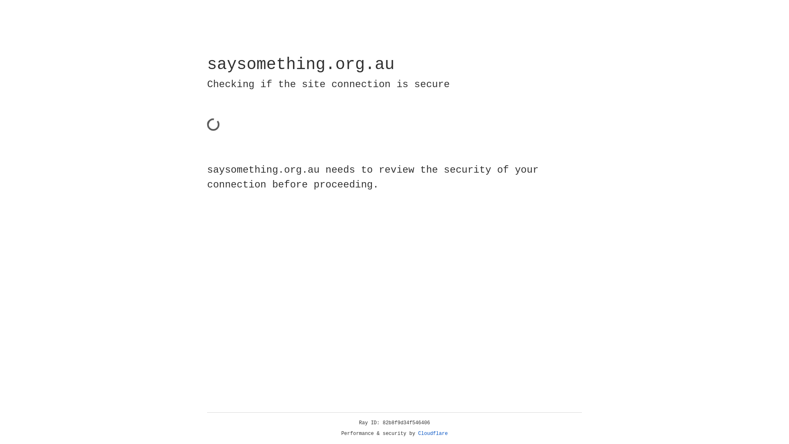  Describe the element at coordinates (433, 433) in the screenshot. I see `'Cloudflare'` at that location.